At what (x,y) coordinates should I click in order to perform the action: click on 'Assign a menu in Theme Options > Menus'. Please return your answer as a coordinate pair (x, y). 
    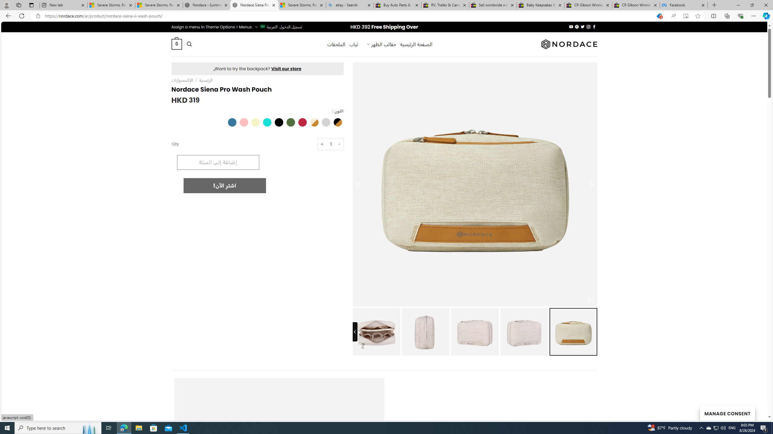
    Looking at the image, I should click on (211, 27).